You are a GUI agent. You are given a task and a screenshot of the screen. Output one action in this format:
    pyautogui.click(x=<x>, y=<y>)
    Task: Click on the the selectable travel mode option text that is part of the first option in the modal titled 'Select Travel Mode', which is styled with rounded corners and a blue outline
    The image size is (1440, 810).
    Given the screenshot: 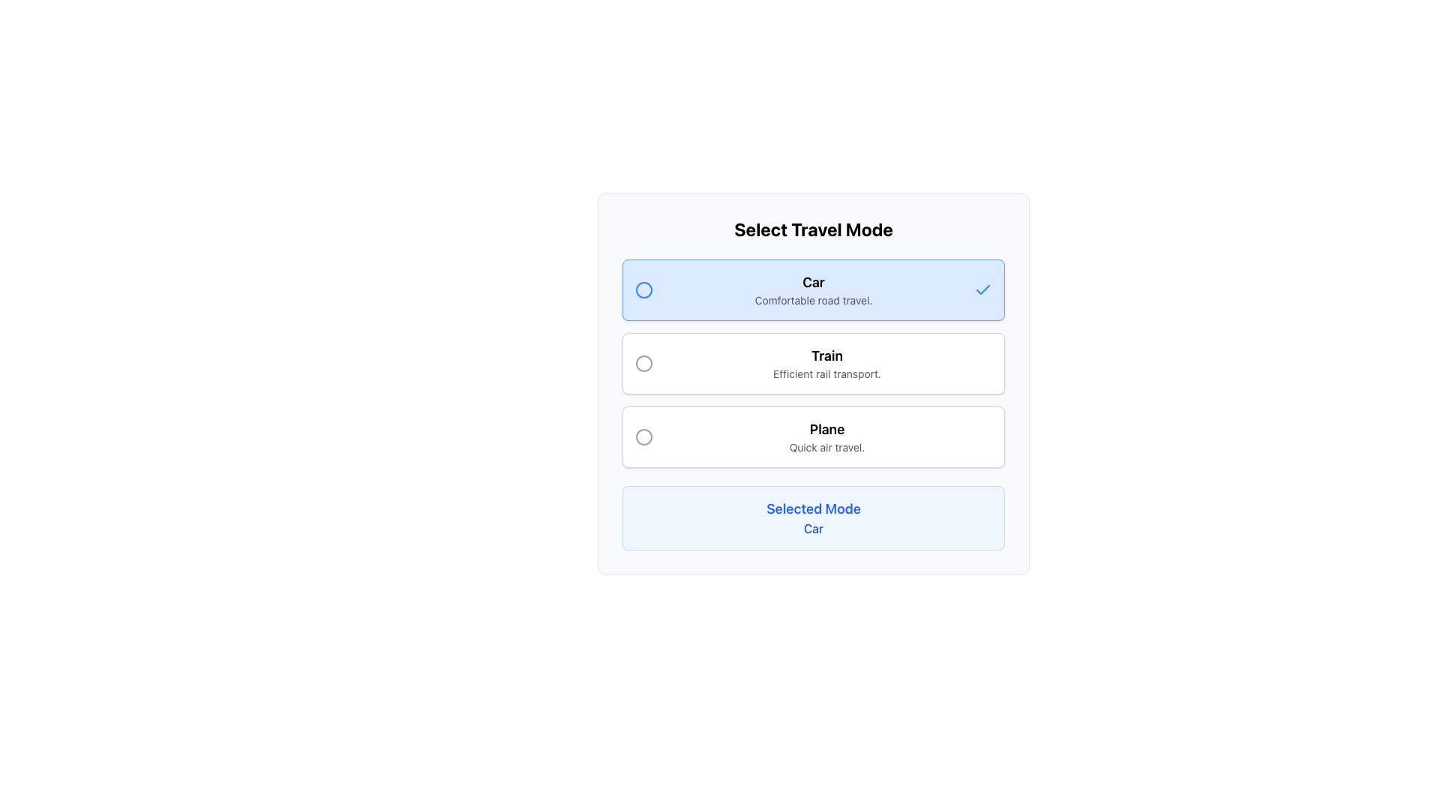 What is the action you would take?
    pyautogui.click(x=812, y=289)
    